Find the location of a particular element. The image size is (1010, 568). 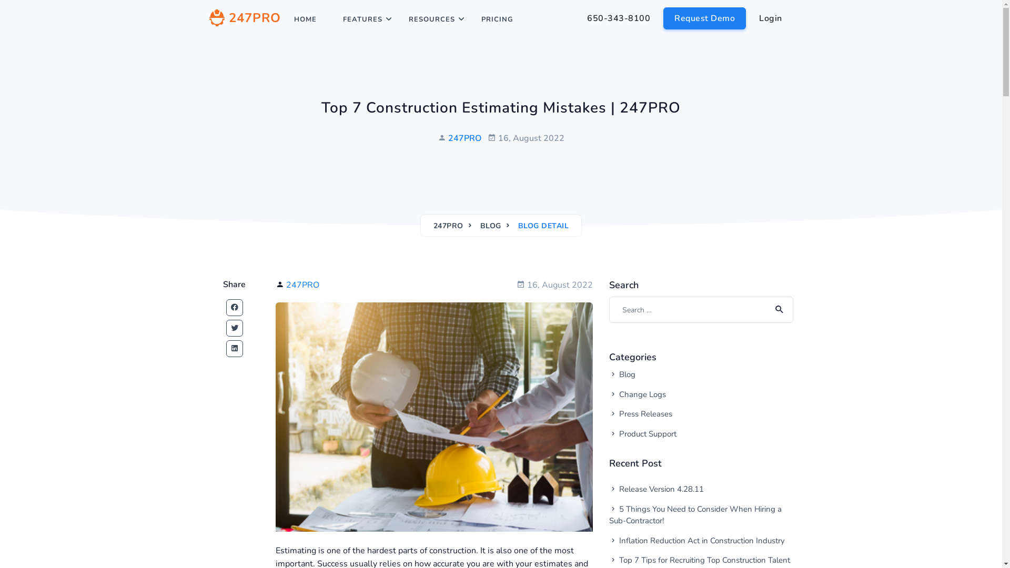

'HOME' is located at coordinates (305, 19).